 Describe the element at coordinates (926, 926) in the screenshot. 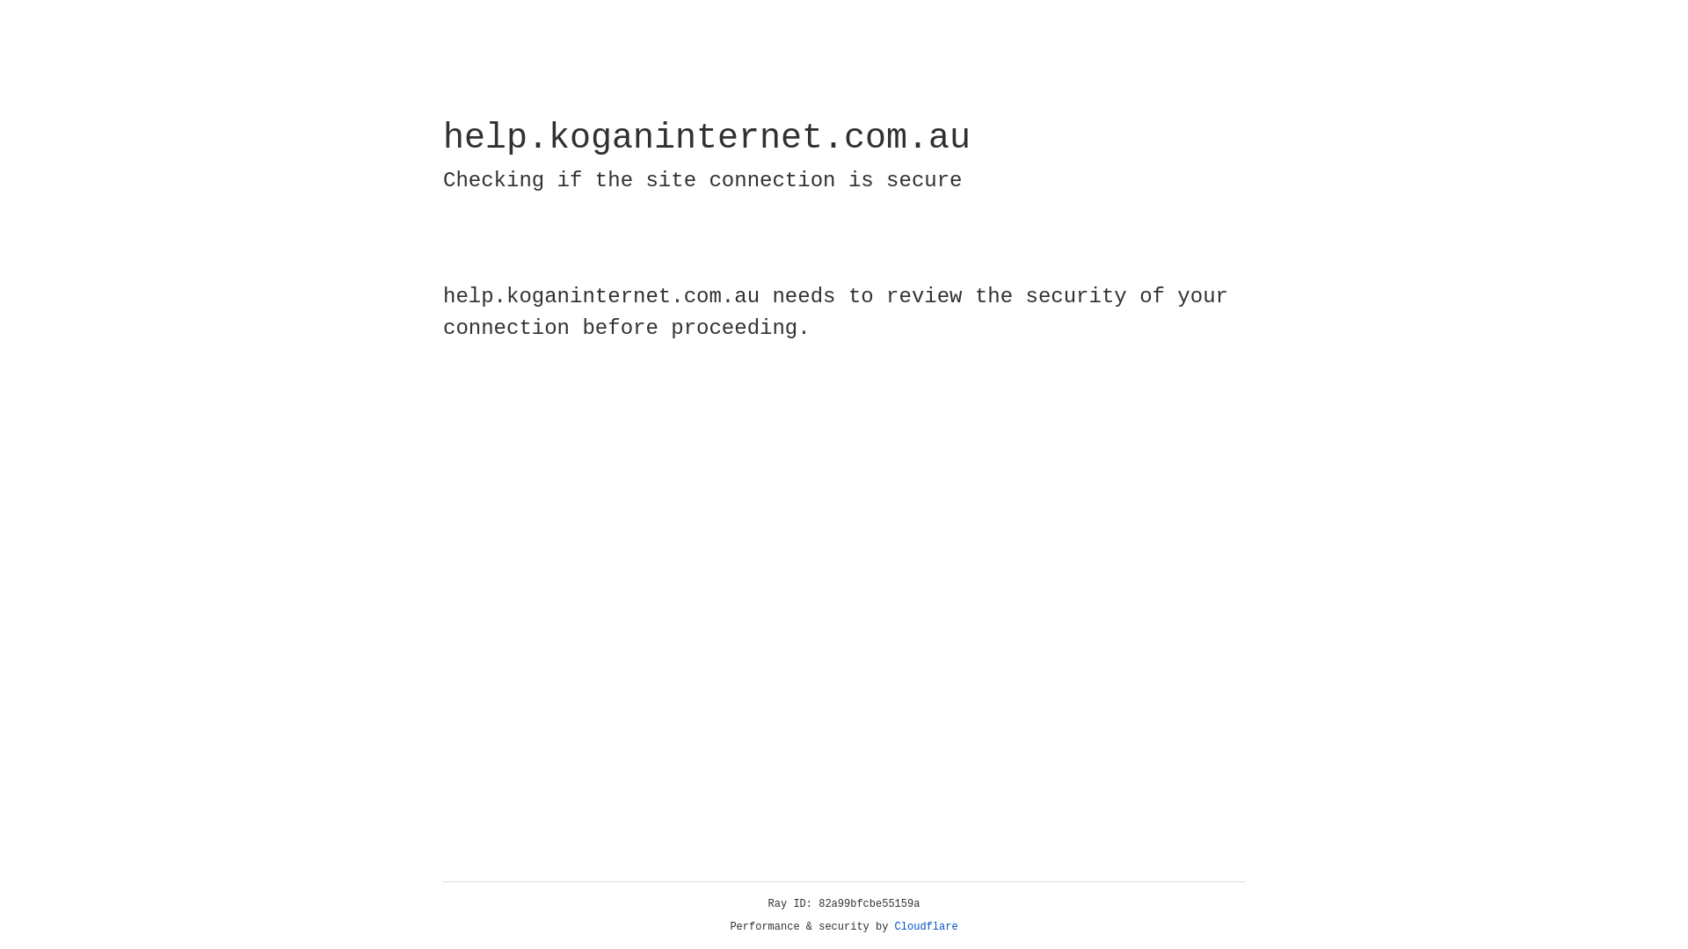

I see `'Cloudflare'` at that location.